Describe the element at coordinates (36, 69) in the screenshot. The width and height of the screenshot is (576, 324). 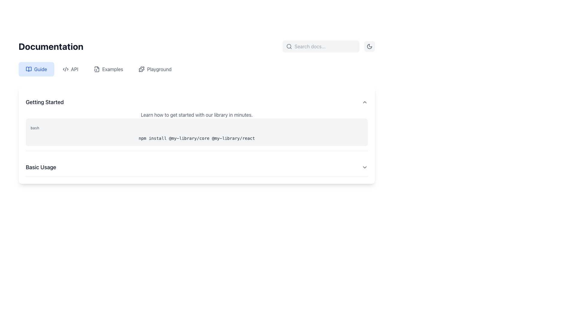
I see `the 'Guide' button located in the top navigation header, which is the leftmost button among similar items` at that location.